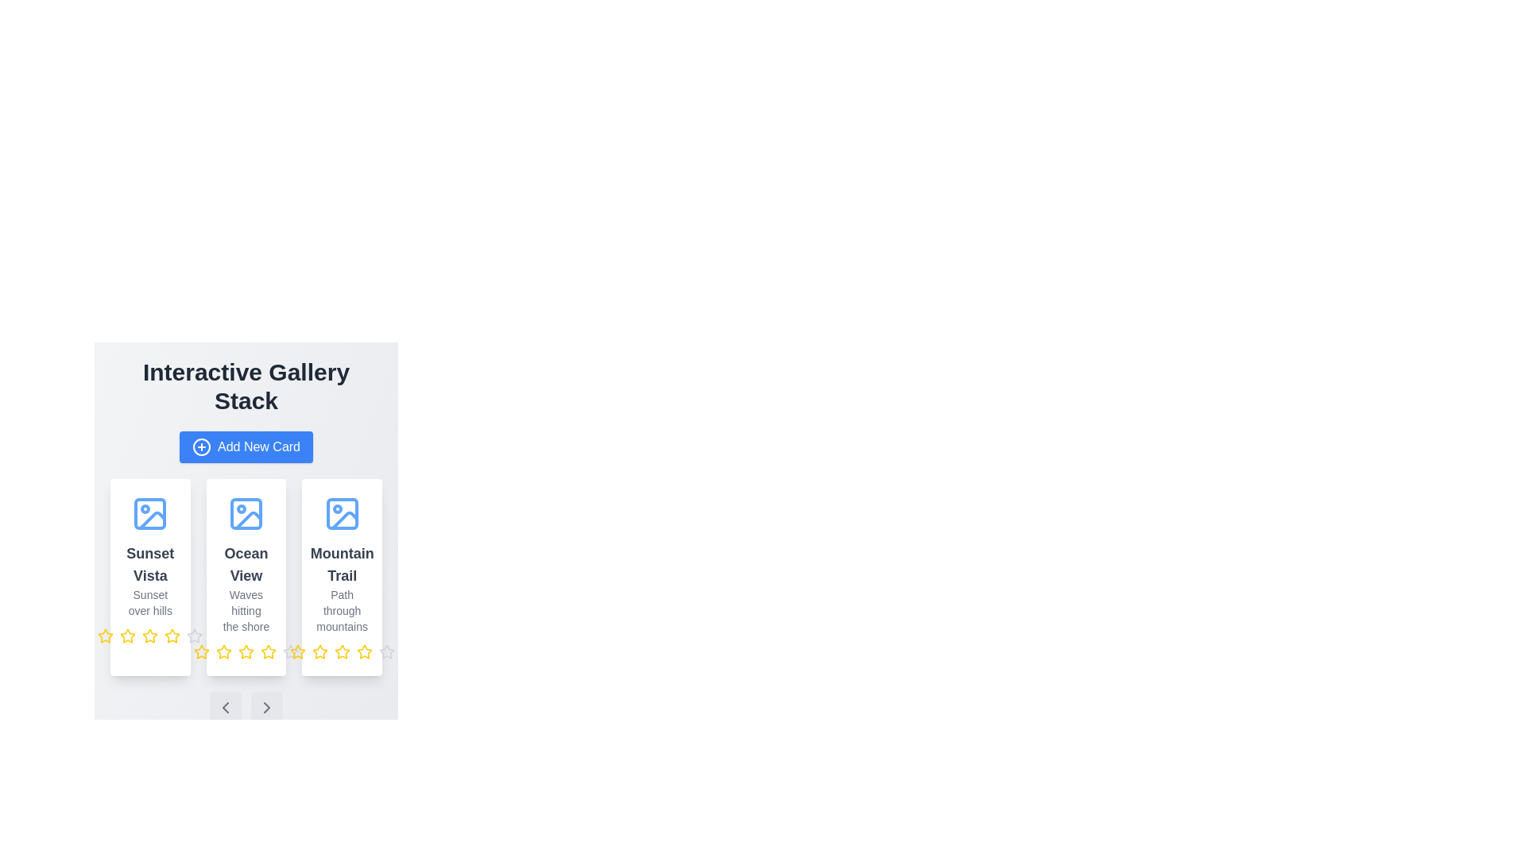 The image size is (1526, 858). Describe the element at coordinates (267, 707) in the screenshot. I see `the right arrow icon which serves as a navigation control to move to the next set of items in the gallery or carousel interface` at that location.